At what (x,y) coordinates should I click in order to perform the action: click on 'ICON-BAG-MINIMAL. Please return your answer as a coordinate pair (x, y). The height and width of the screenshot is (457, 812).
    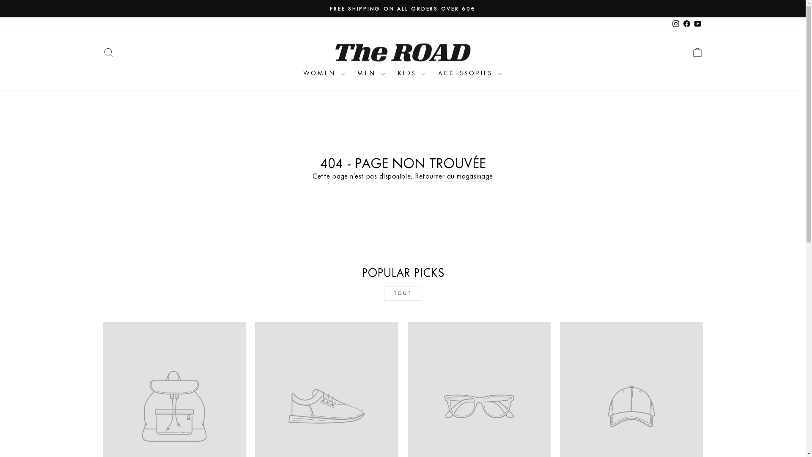
    Looking at the image, I should click on (686, 52).